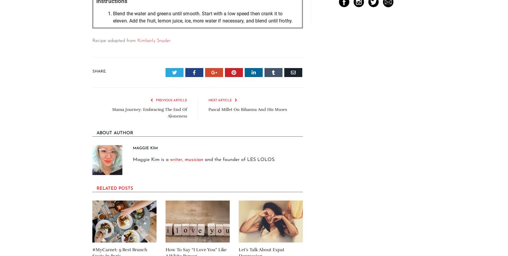 The image size is (508, 256). Describe the element at coordinates (247, 109) in the screenshot. I see `'Pascal Millet On Rihanna And His Muses'` at that location.